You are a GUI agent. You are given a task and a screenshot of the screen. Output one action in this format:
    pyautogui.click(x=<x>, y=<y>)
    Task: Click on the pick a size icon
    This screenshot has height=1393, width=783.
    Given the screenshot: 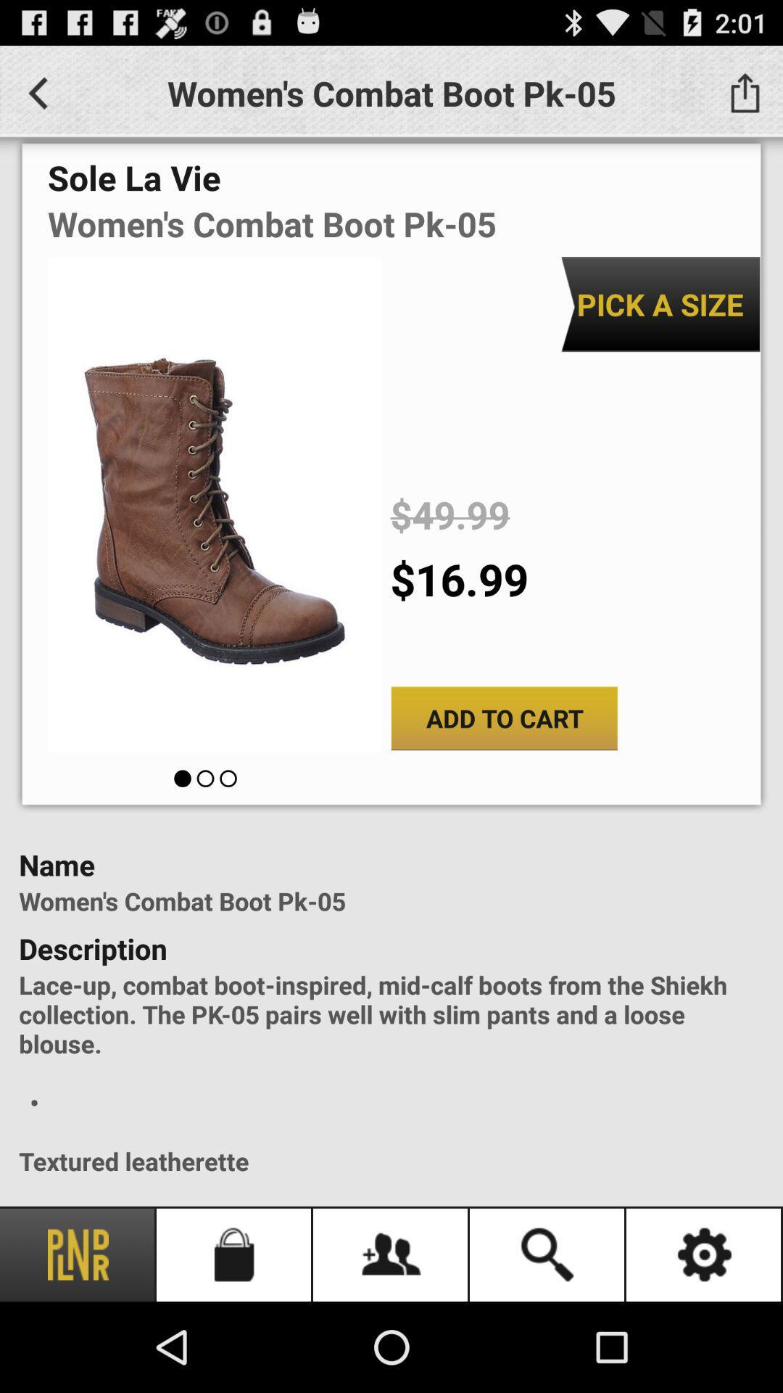 What is the action you would take?
    pyautogui.click(x=660, y=303)
    